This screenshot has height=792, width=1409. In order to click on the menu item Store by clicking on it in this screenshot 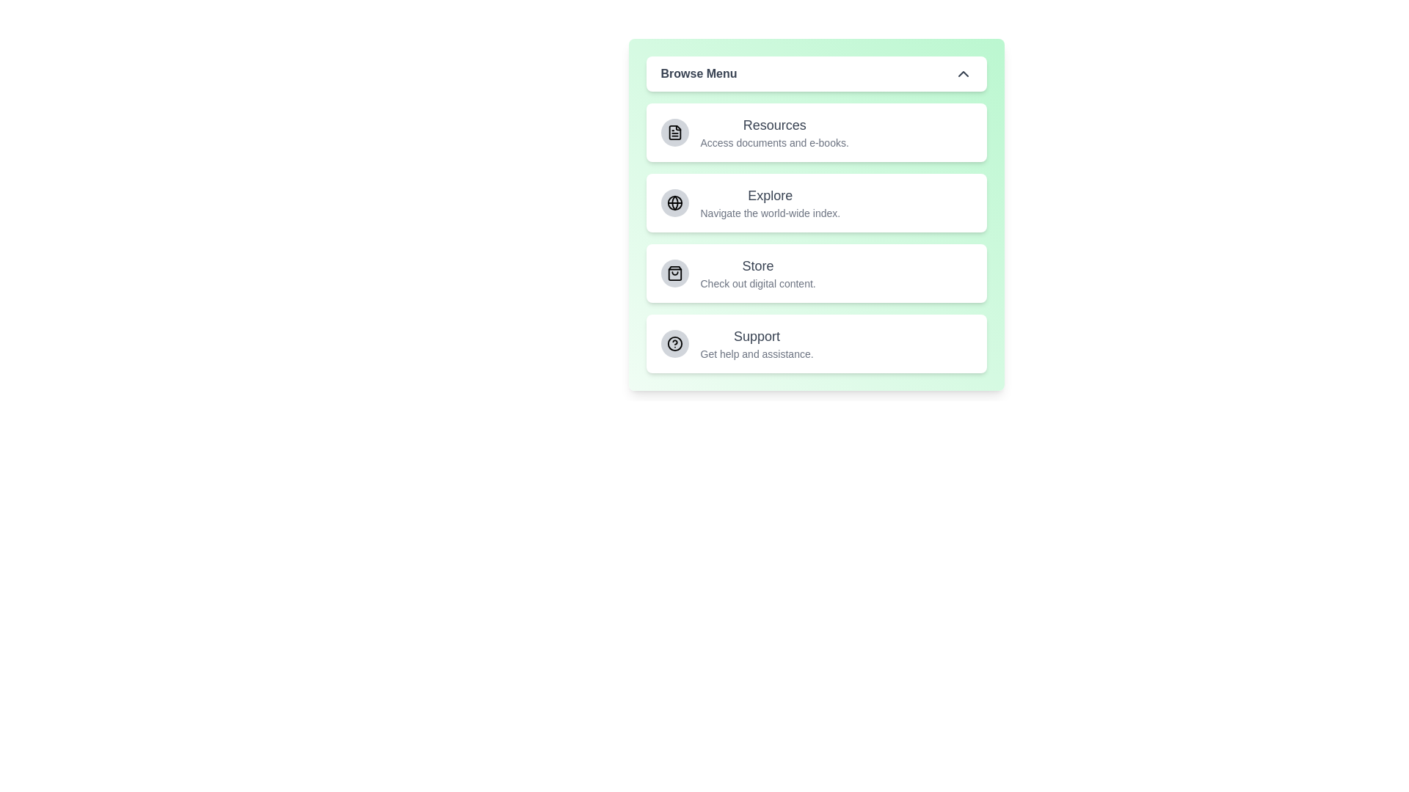, I will do `click(815, 274)`.